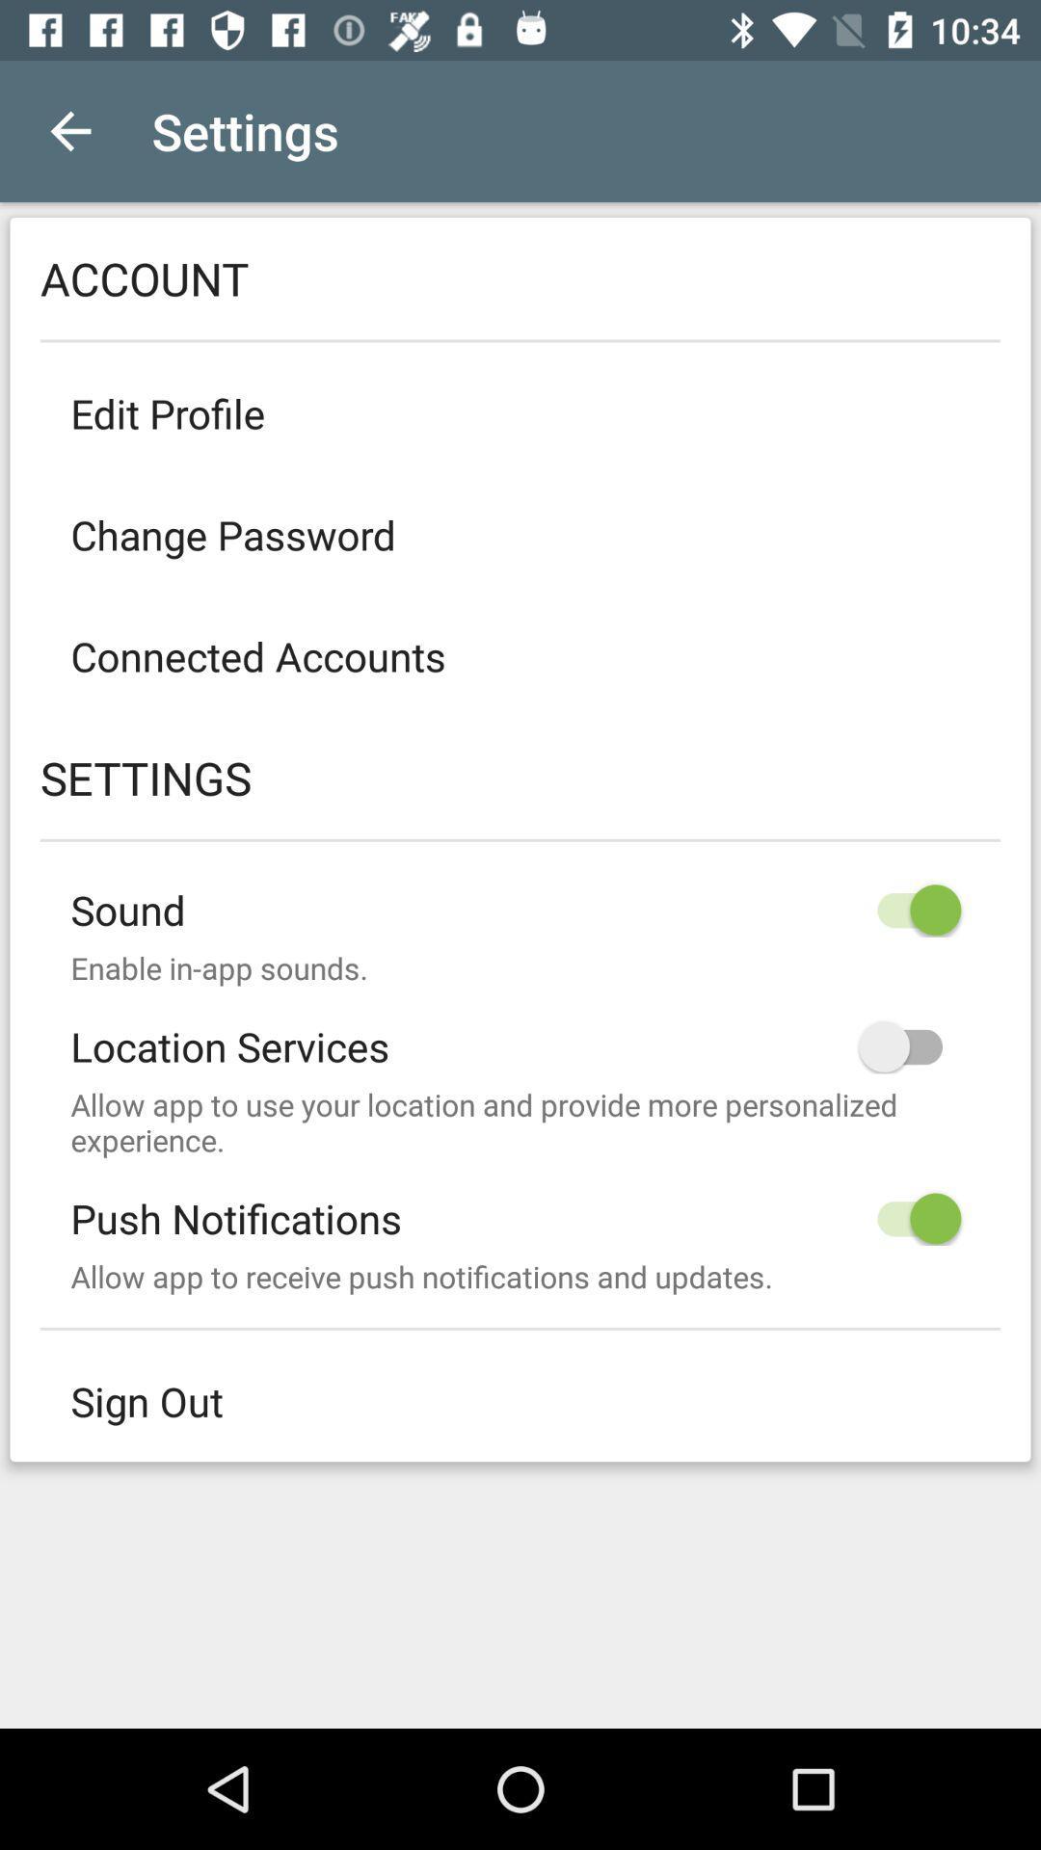 The height and width of the screenshot is (1850, 1041). Describe the element at coordinates (69, 130) in the screenshot. I see `the item to the left of settings` at that location.